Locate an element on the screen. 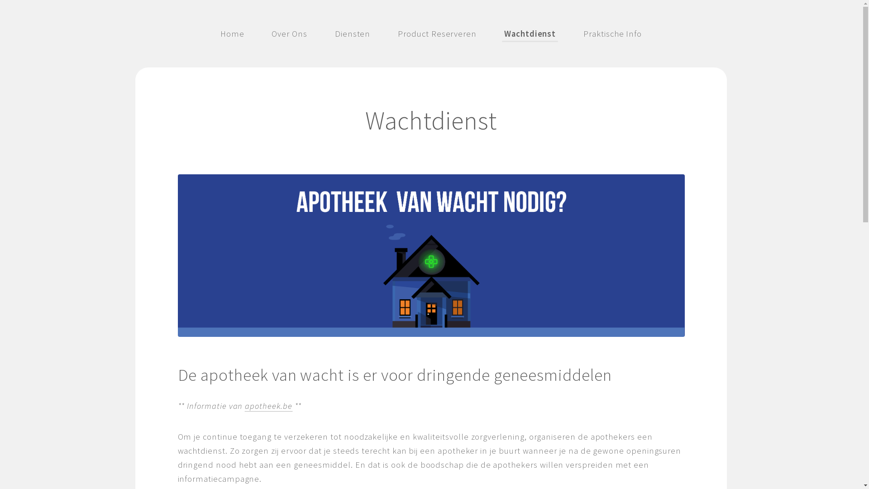  'Wachtdienst' is located at coordinates (530, 33).